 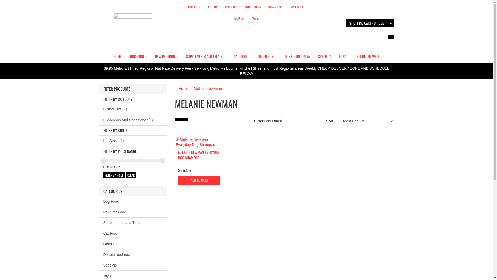 What do you see at coordinates (131, 175) in the screenshot?
I see `'CLEAR'` at bounding box center [131, 175].